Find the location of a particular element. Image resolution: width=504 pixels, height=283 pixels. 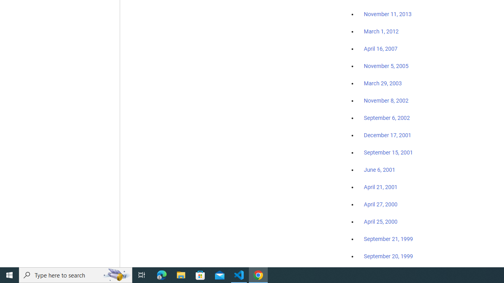

'November 11, 2013' is located at coordinates (387, 15).